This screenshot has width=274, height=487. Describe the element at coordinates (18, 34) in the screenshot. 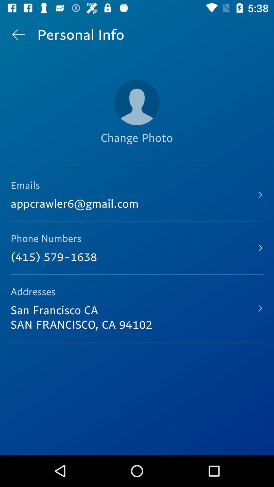

I see `the item above the emails icon` at that location.